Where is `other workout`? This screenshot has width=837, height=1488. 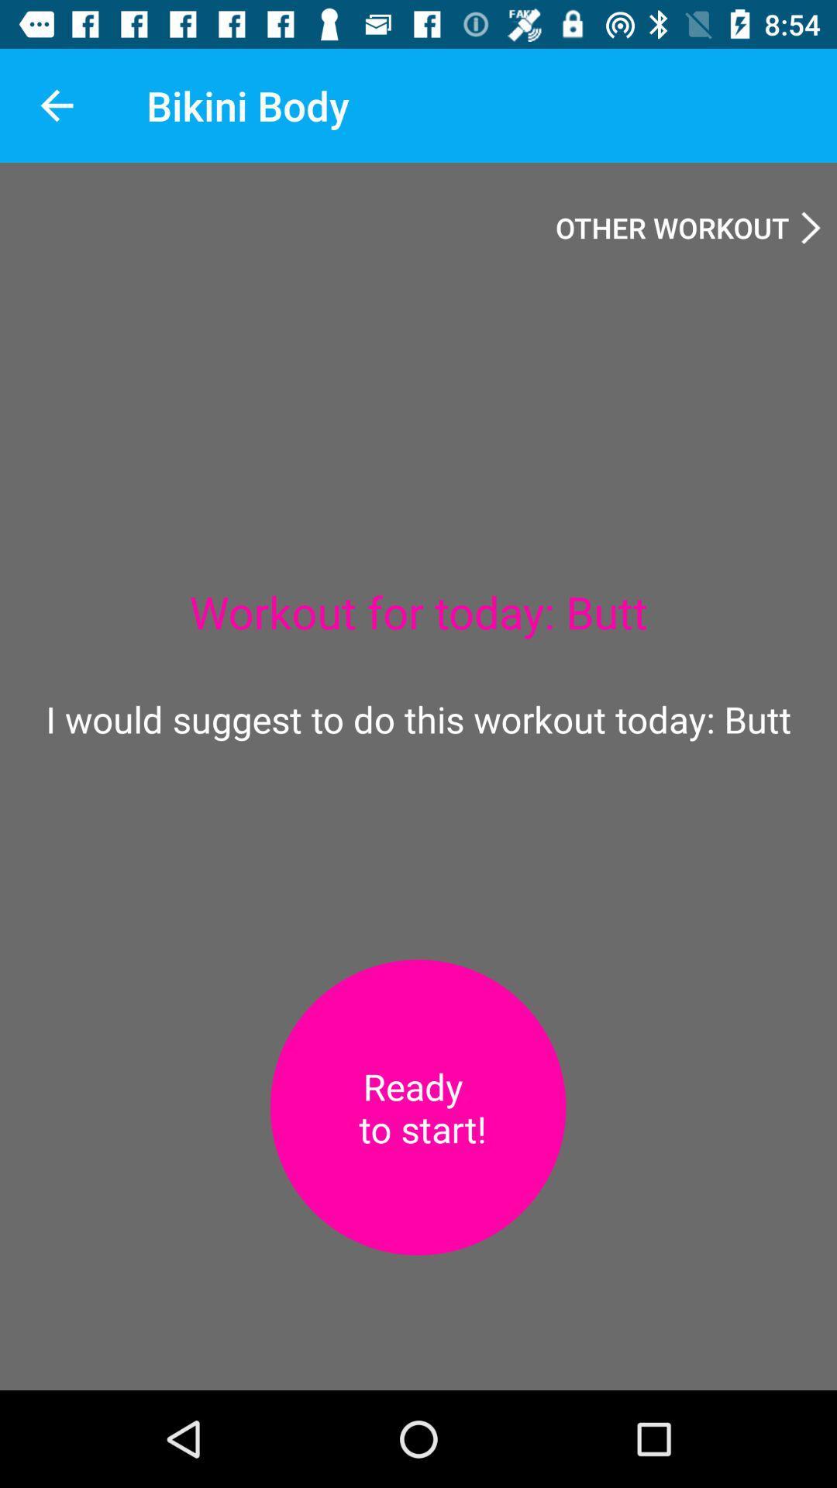
other workout is located at coordinates (687, 226).